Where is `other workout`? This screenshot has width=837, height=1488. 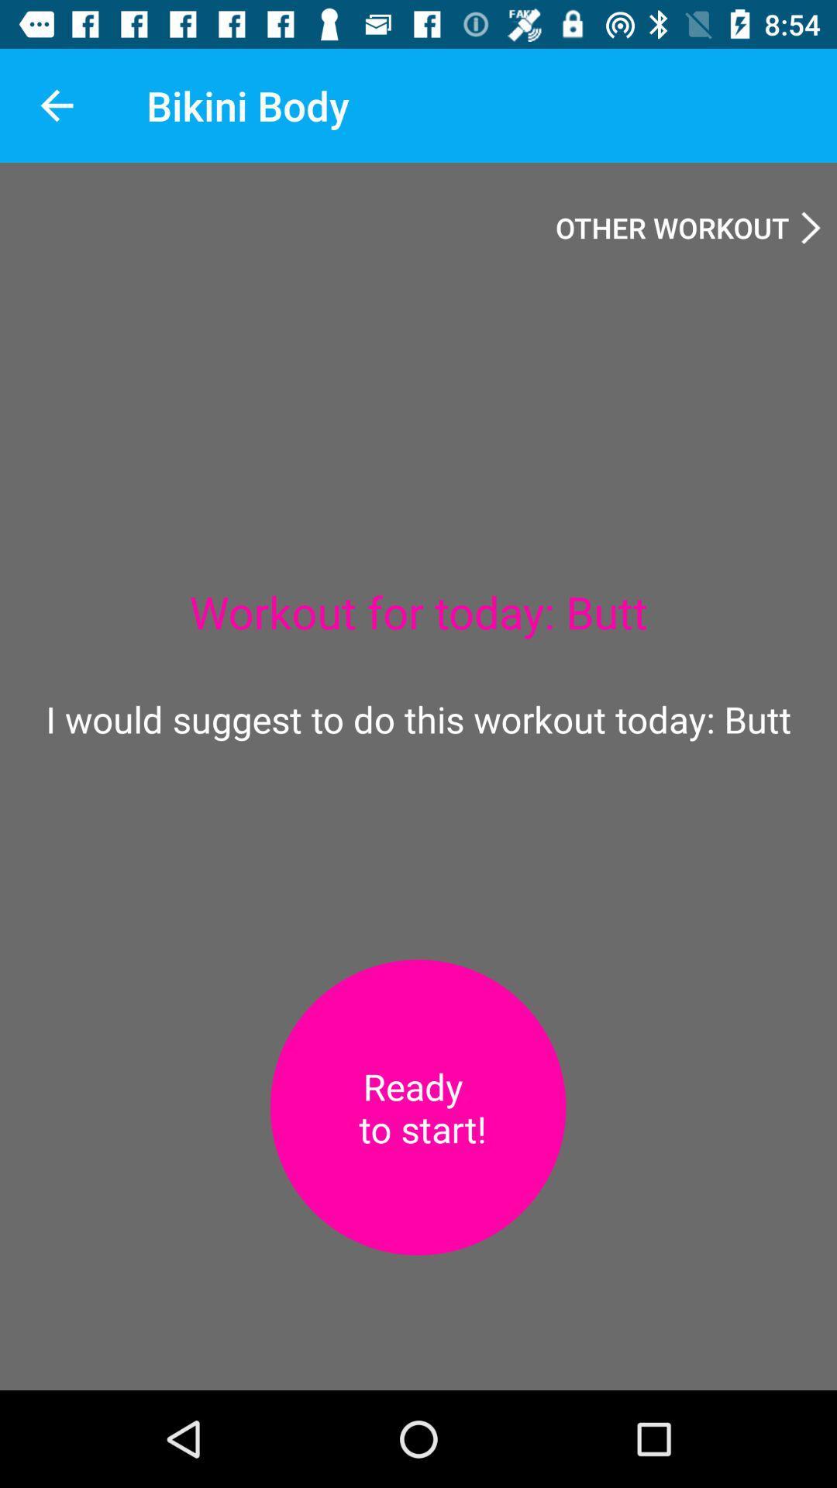
other workout is located at coordinates (687, 226).